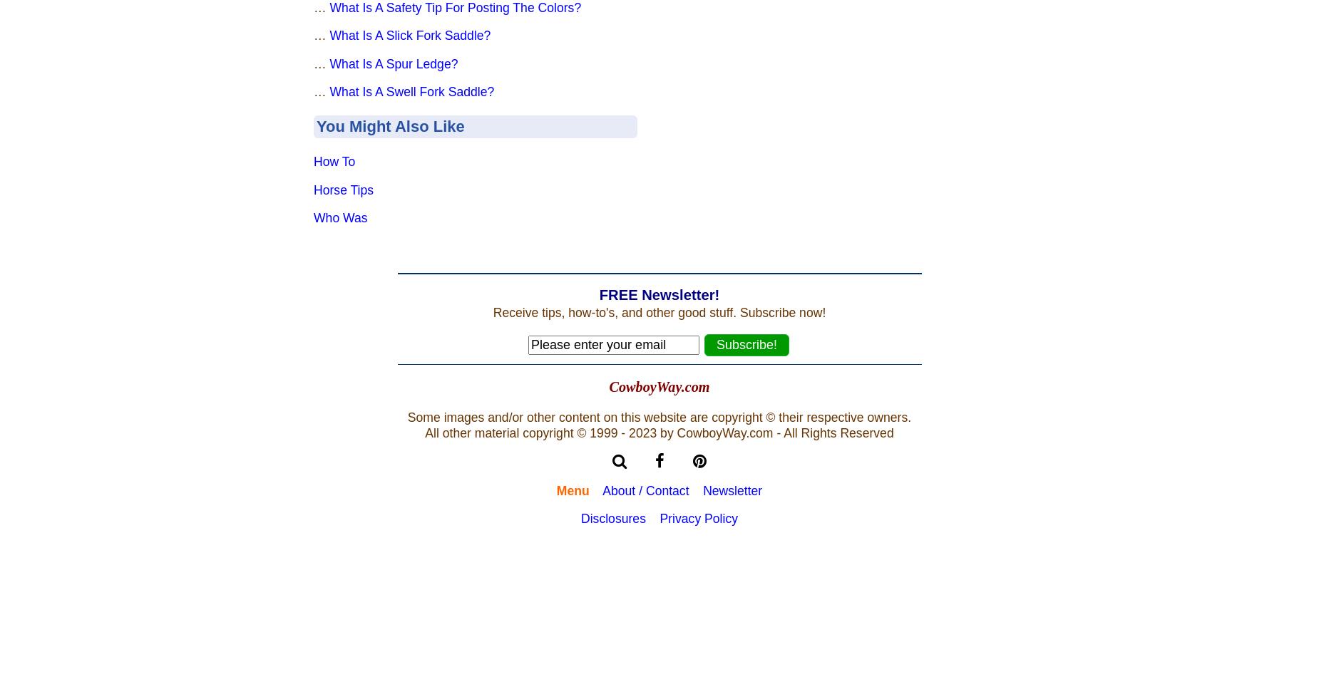  I want to click on 'How To', so click(334, 161).